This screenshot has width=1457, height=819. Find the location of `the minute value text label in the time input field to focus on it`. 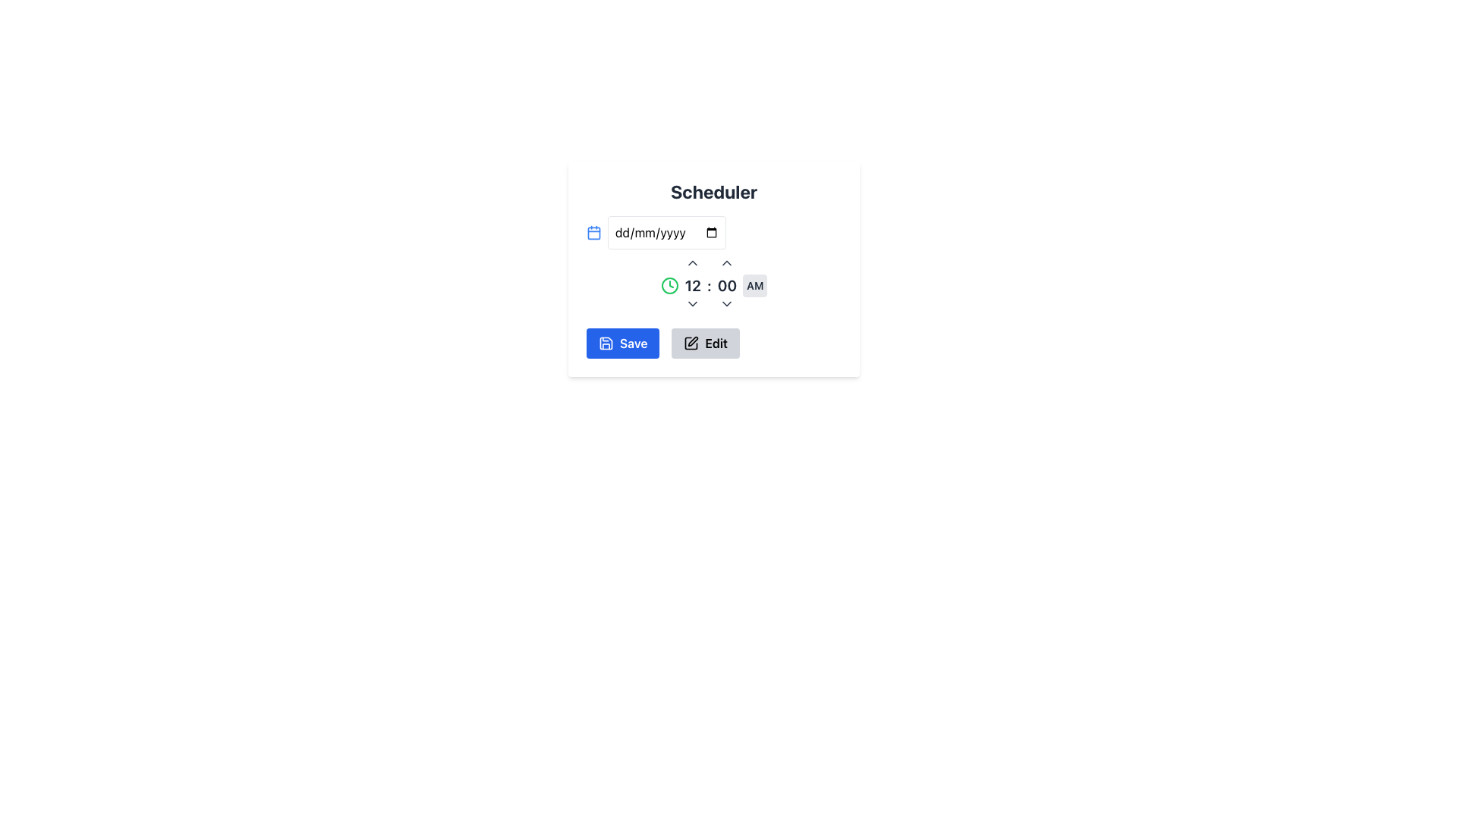

the minute value text label in the time input field to focus on it is located at coordinates (726, 286).